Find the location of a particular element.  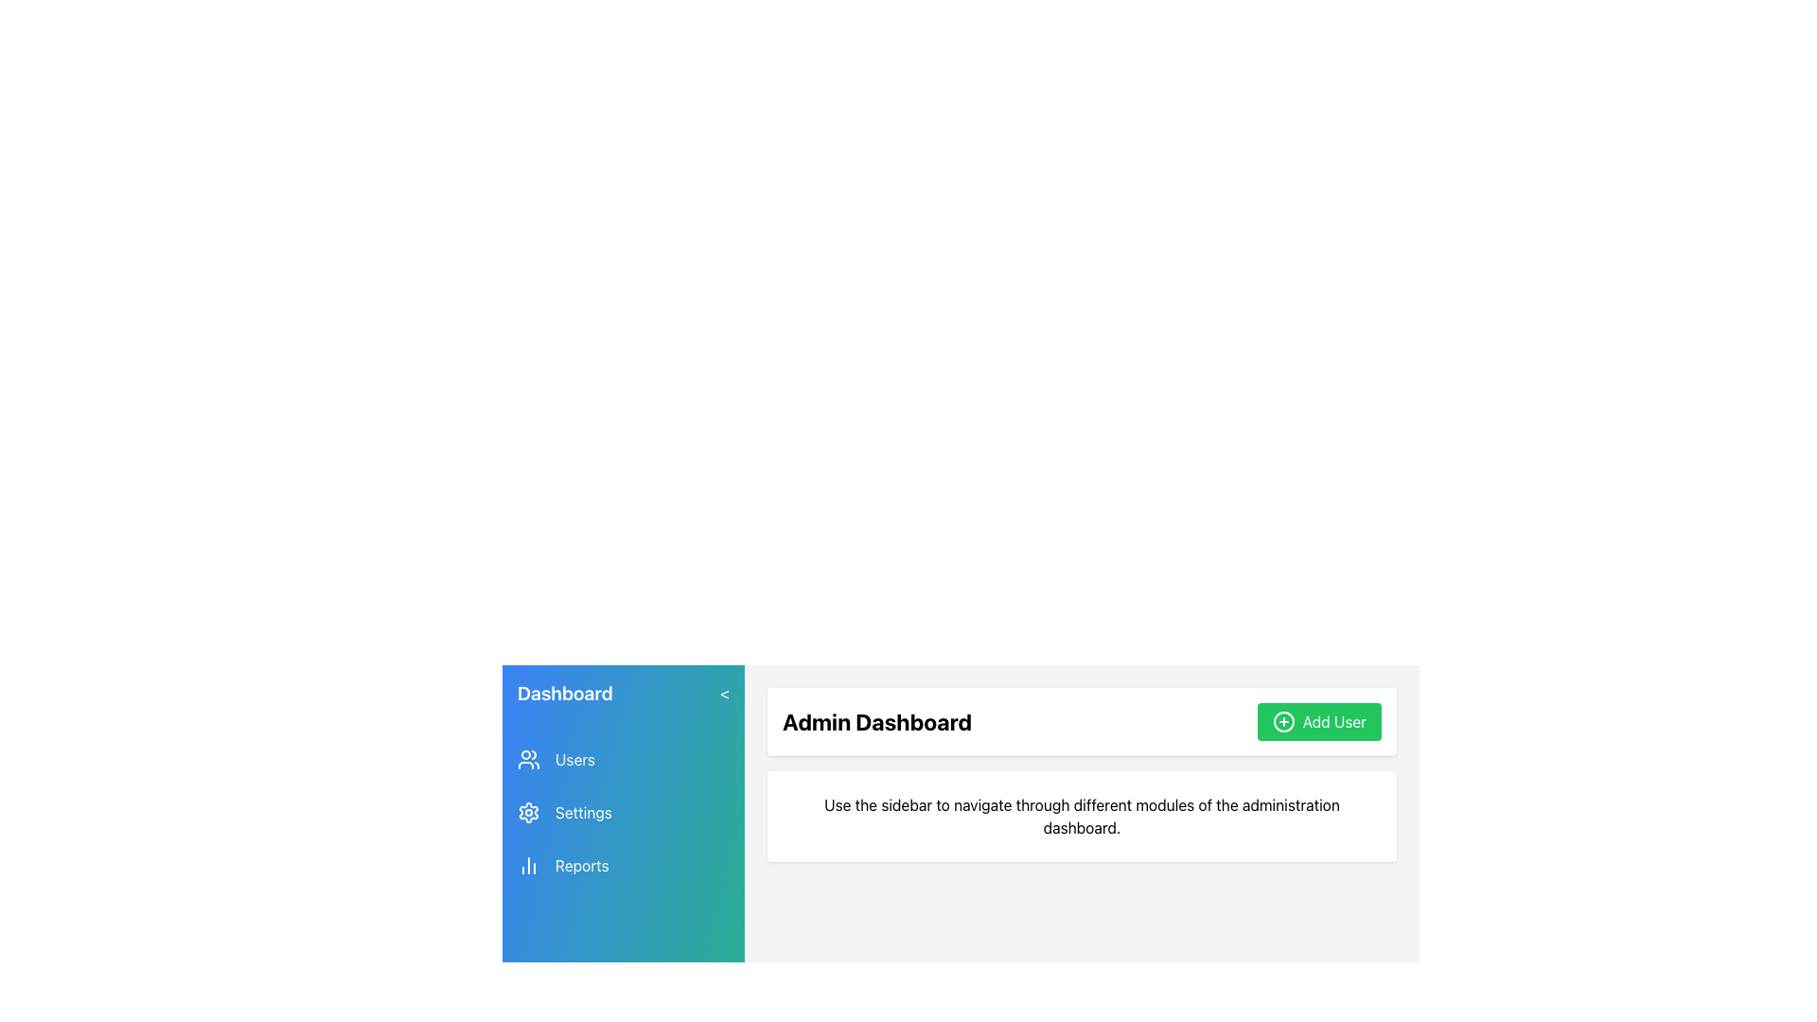

the 'Dashboard' label element that displays bold, white text within a gradient blue sidebar, located at the top-left corner of the application interface is located at coordinates (564, 693).